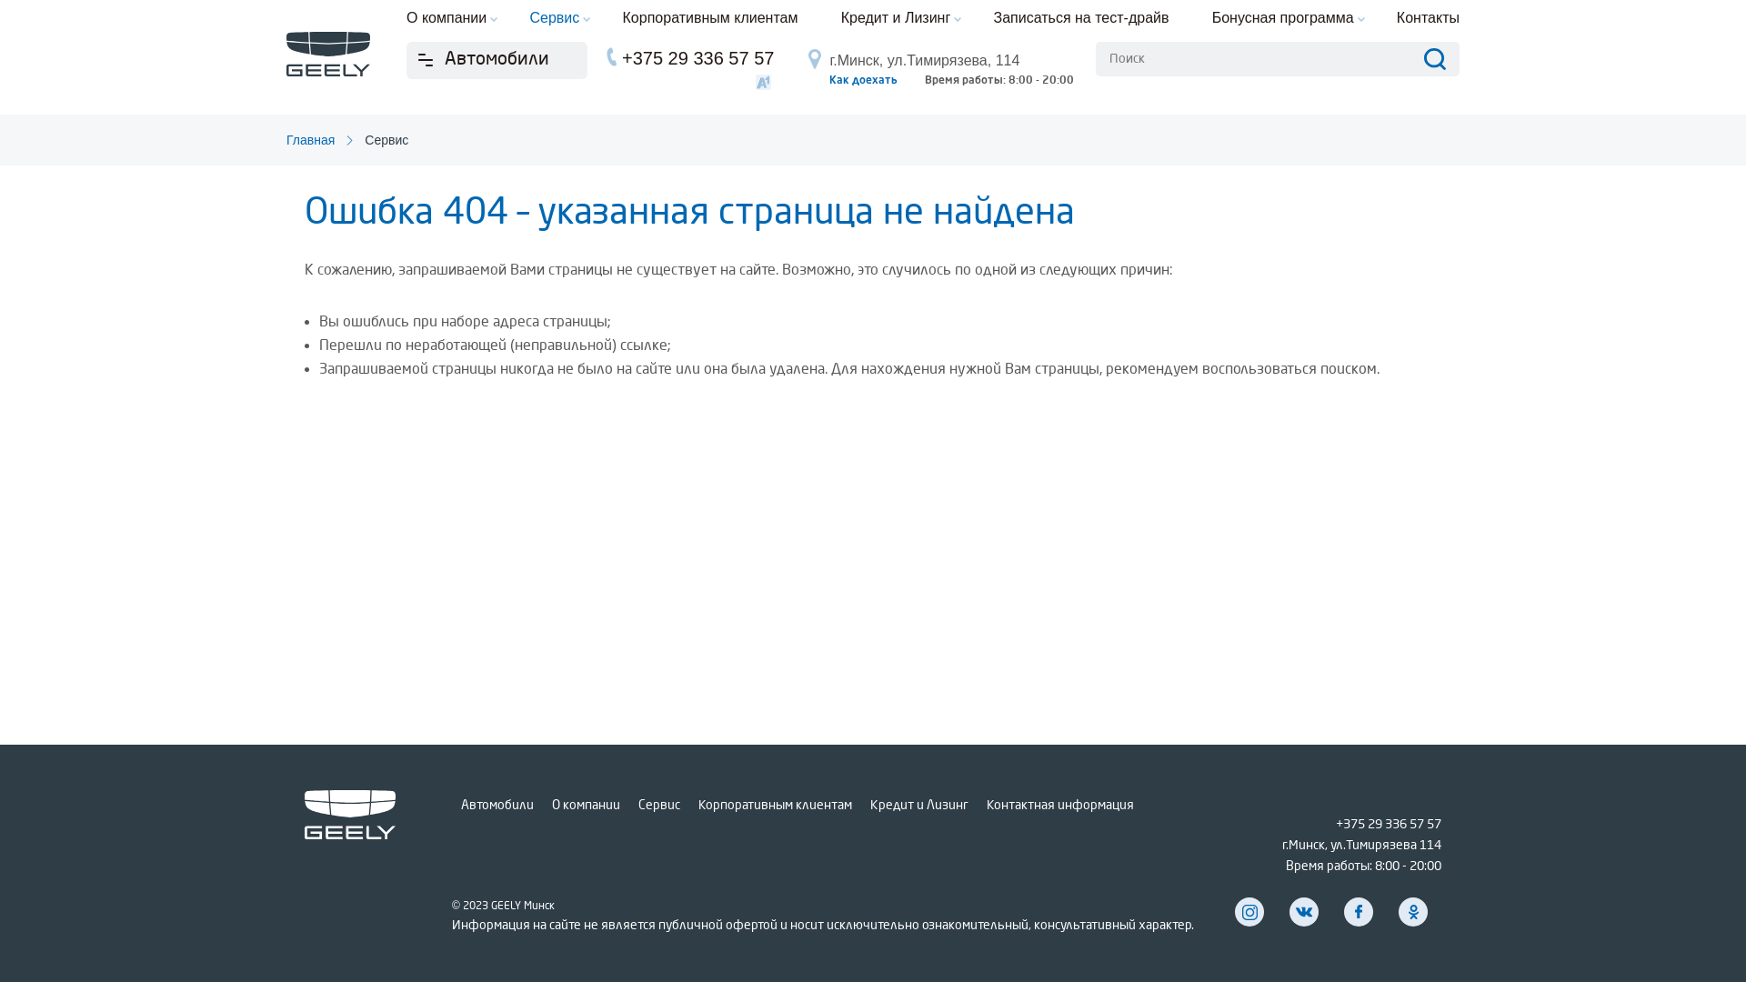 The width and height of the screenshot is (1746, 982). I want to click on '+375 29 336 57 57', so click(1387, 824).